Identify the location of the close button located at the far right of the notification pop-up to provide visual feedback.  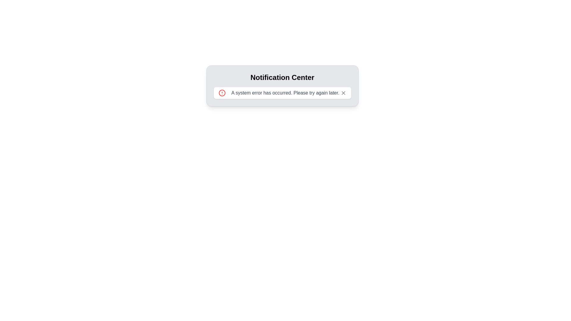
(343, 93).